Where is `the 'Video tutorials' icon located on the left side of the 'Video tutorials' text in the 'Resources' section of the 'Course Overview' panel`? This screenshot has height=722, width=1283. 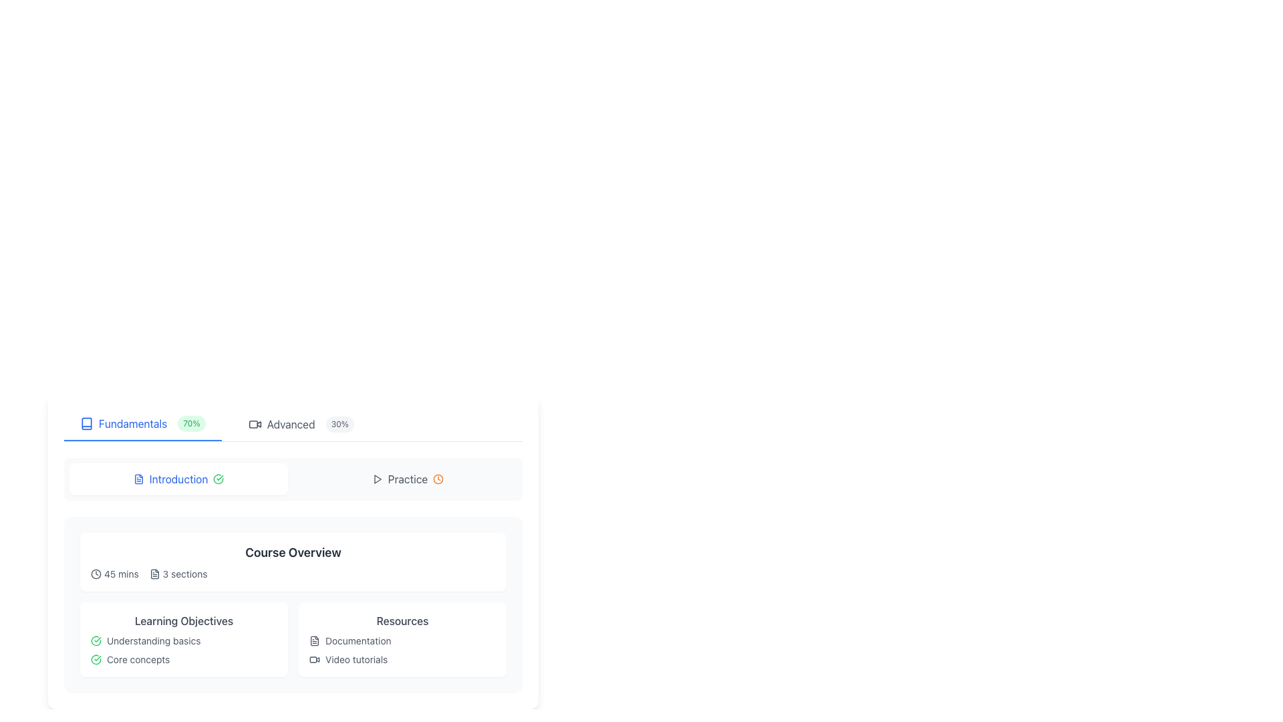 the 'Video tutorials' icon located on the left side of the 'Video tutorials' text in the 'Resources' section of the 'Course Overview' panel is located at coordinates (313, 659).